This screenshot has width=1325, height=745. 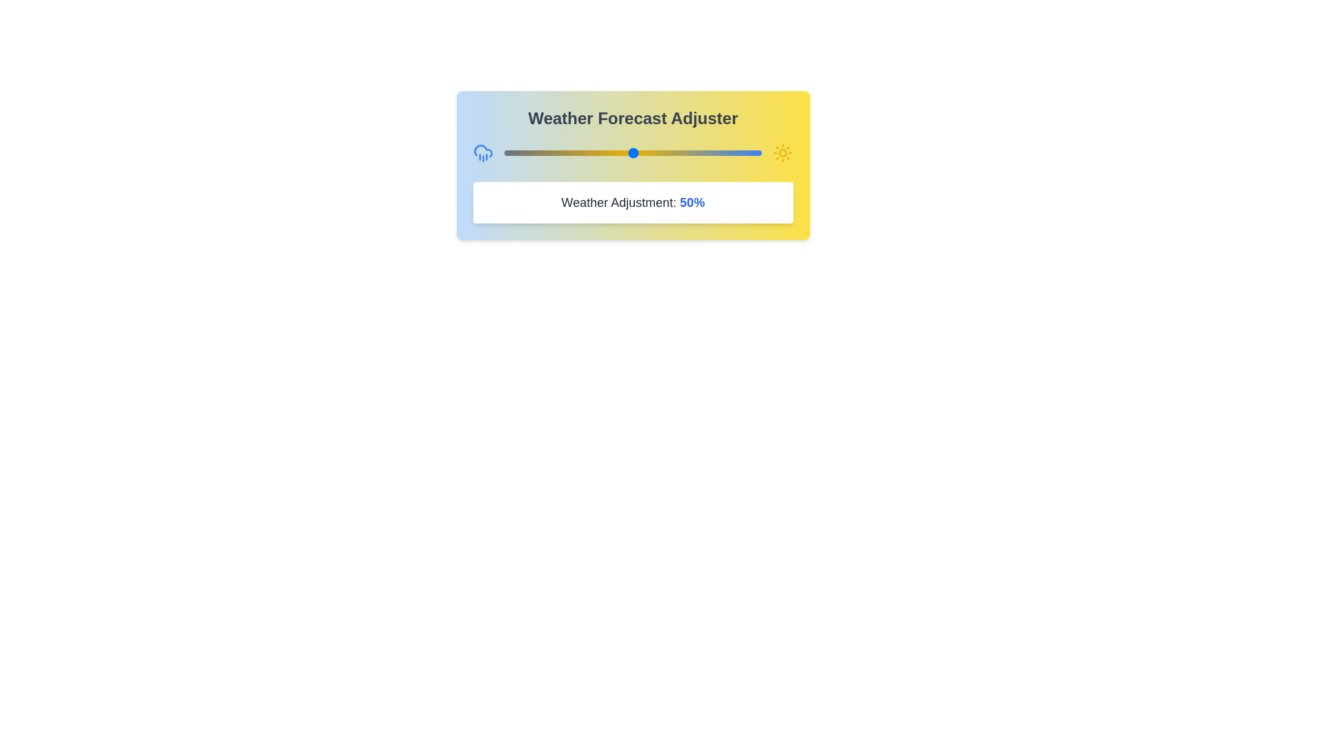 I want to click on the weather slider to 86%, so click(x=725, y=153).